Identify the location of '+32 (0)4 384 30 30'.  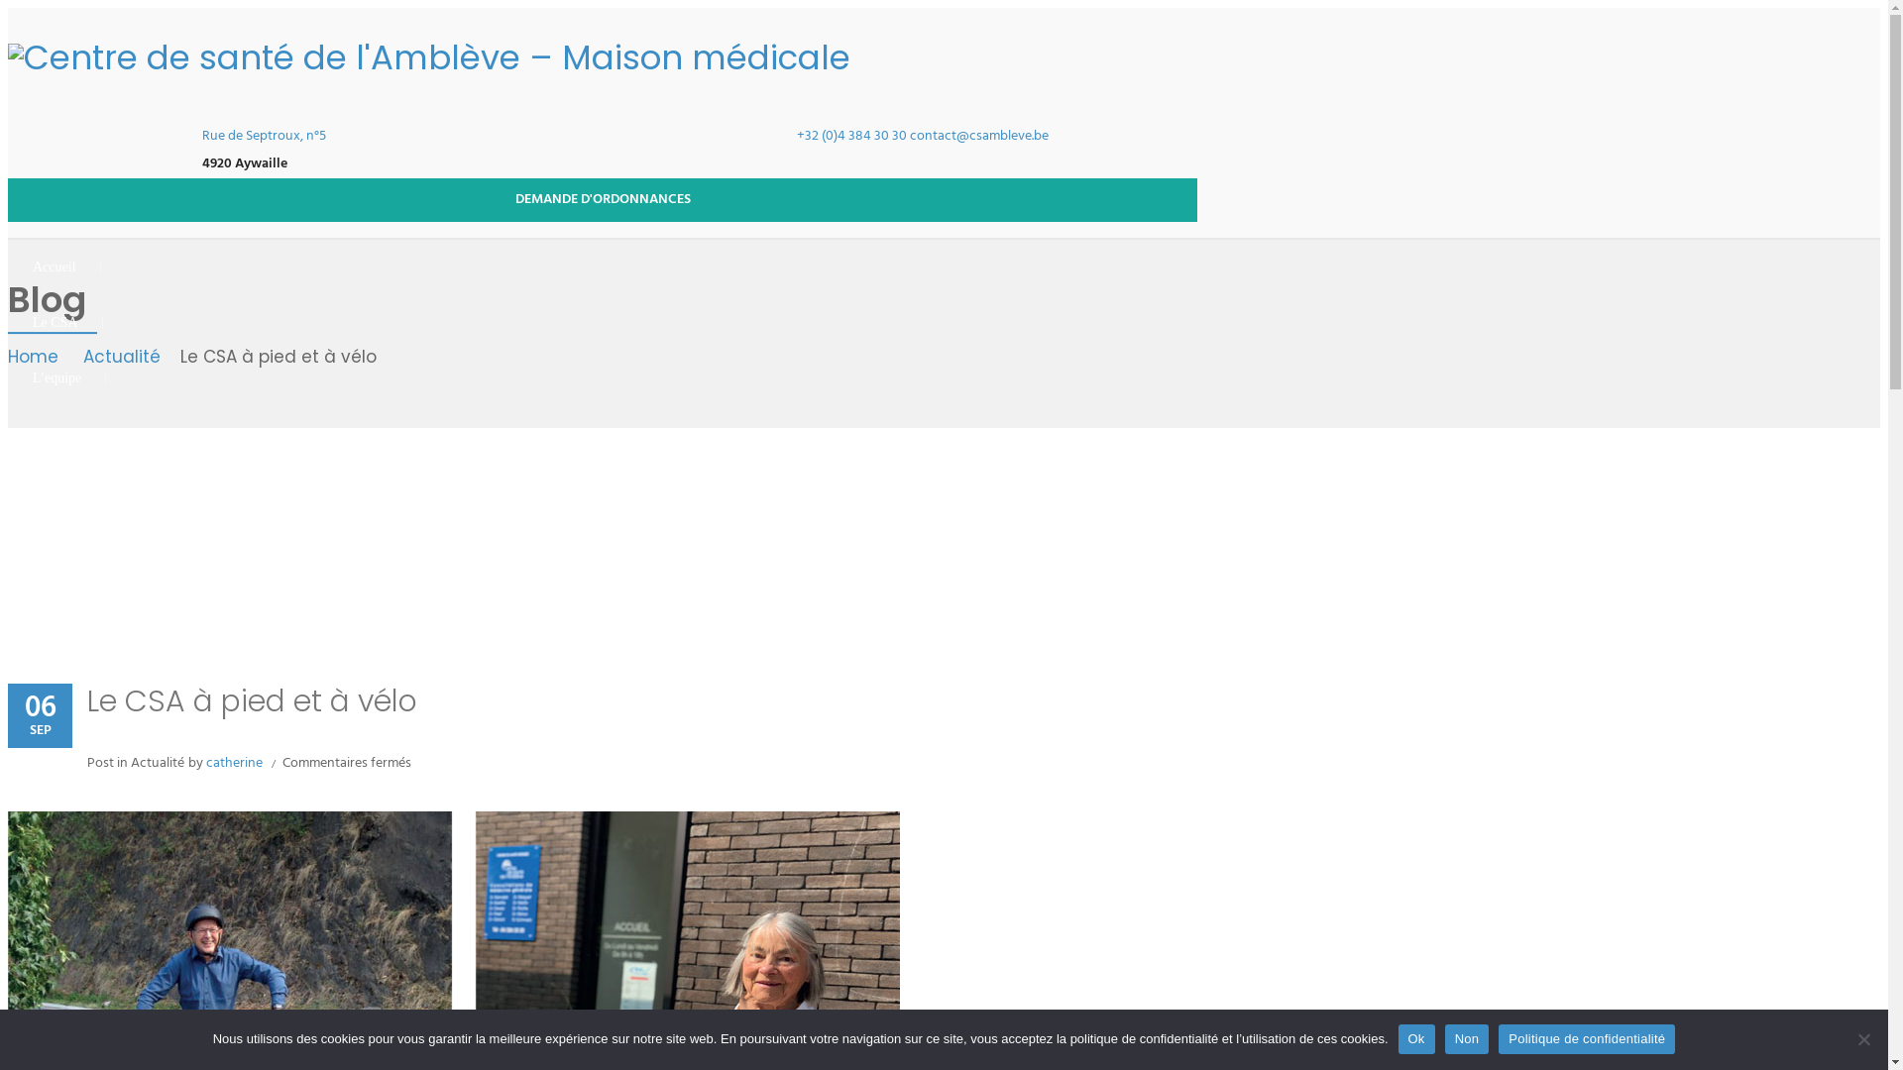
(797, 135).